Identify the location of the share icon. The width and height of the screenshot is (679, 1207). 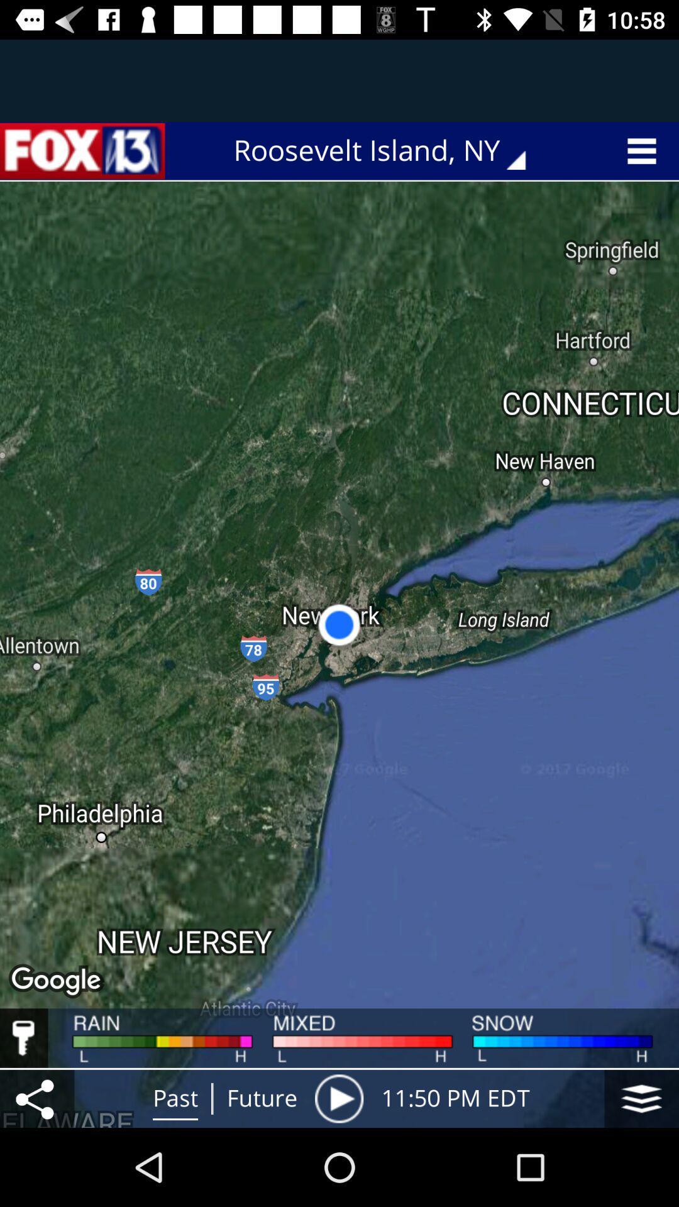
(36, 1098).